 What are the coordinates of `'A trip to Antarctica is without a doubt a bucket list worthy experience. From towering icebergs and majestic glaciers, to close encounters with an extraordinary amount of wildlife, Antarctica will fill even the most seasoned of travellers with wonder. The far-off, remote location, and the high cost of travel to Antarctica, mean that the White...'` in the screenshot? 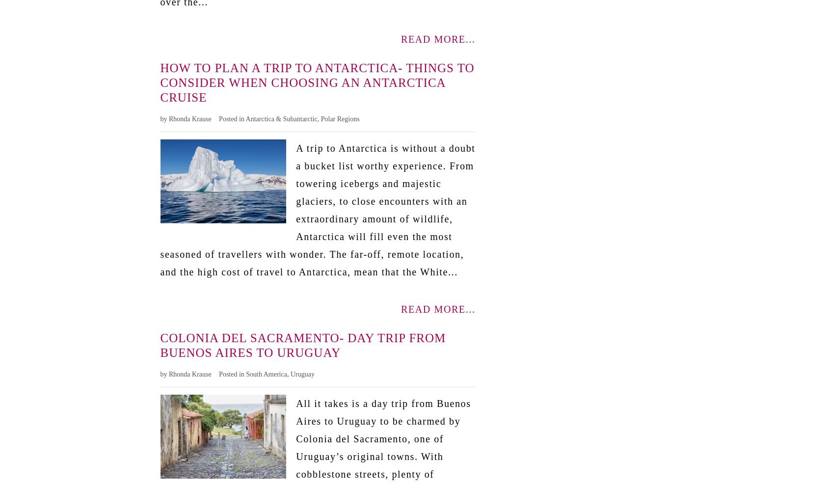 It's located at (317, 209).